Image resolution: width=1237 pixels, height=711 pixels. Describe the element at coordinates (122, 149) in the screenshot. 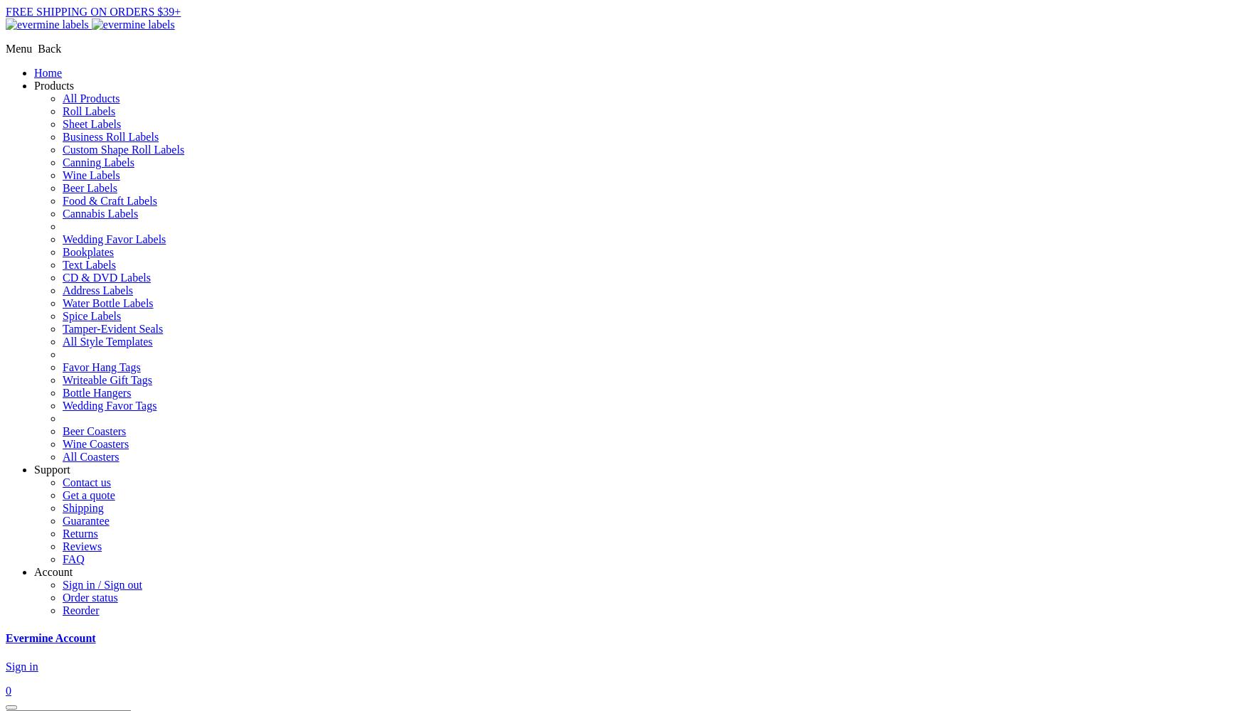

I see `'Custom Shape Roll Labels'` at that location.